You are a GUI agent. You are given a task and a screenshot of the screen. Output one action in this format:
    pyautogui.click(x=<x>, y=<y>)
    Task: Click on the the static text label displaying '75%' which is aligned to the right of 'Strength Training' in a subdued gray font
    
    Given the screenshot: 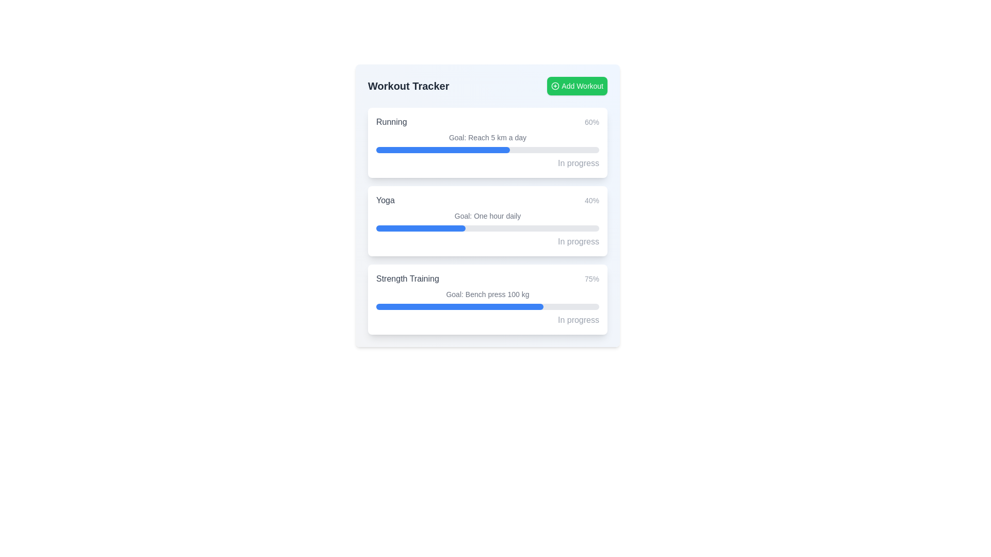 What is the action you would take?
    pyautogui.click(x=592, y=278)
    